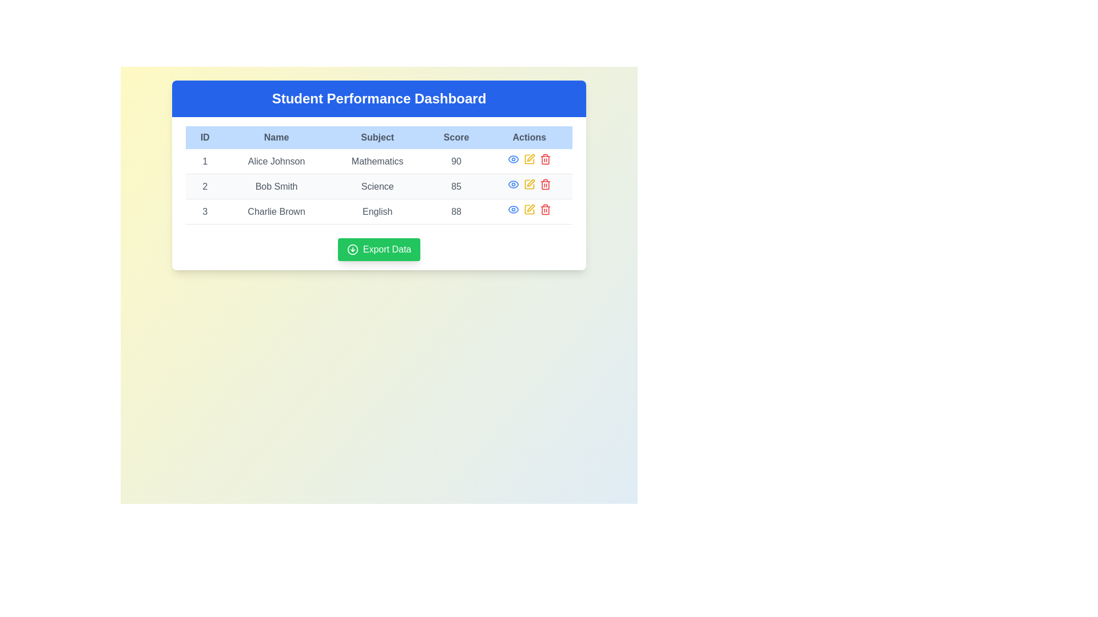 The width and height of the screenshot is (1098, 617). I want to click on the static text element displaying 'Charlie Brown' in the third row of the table under the 'Name' column, so click(276, 211).